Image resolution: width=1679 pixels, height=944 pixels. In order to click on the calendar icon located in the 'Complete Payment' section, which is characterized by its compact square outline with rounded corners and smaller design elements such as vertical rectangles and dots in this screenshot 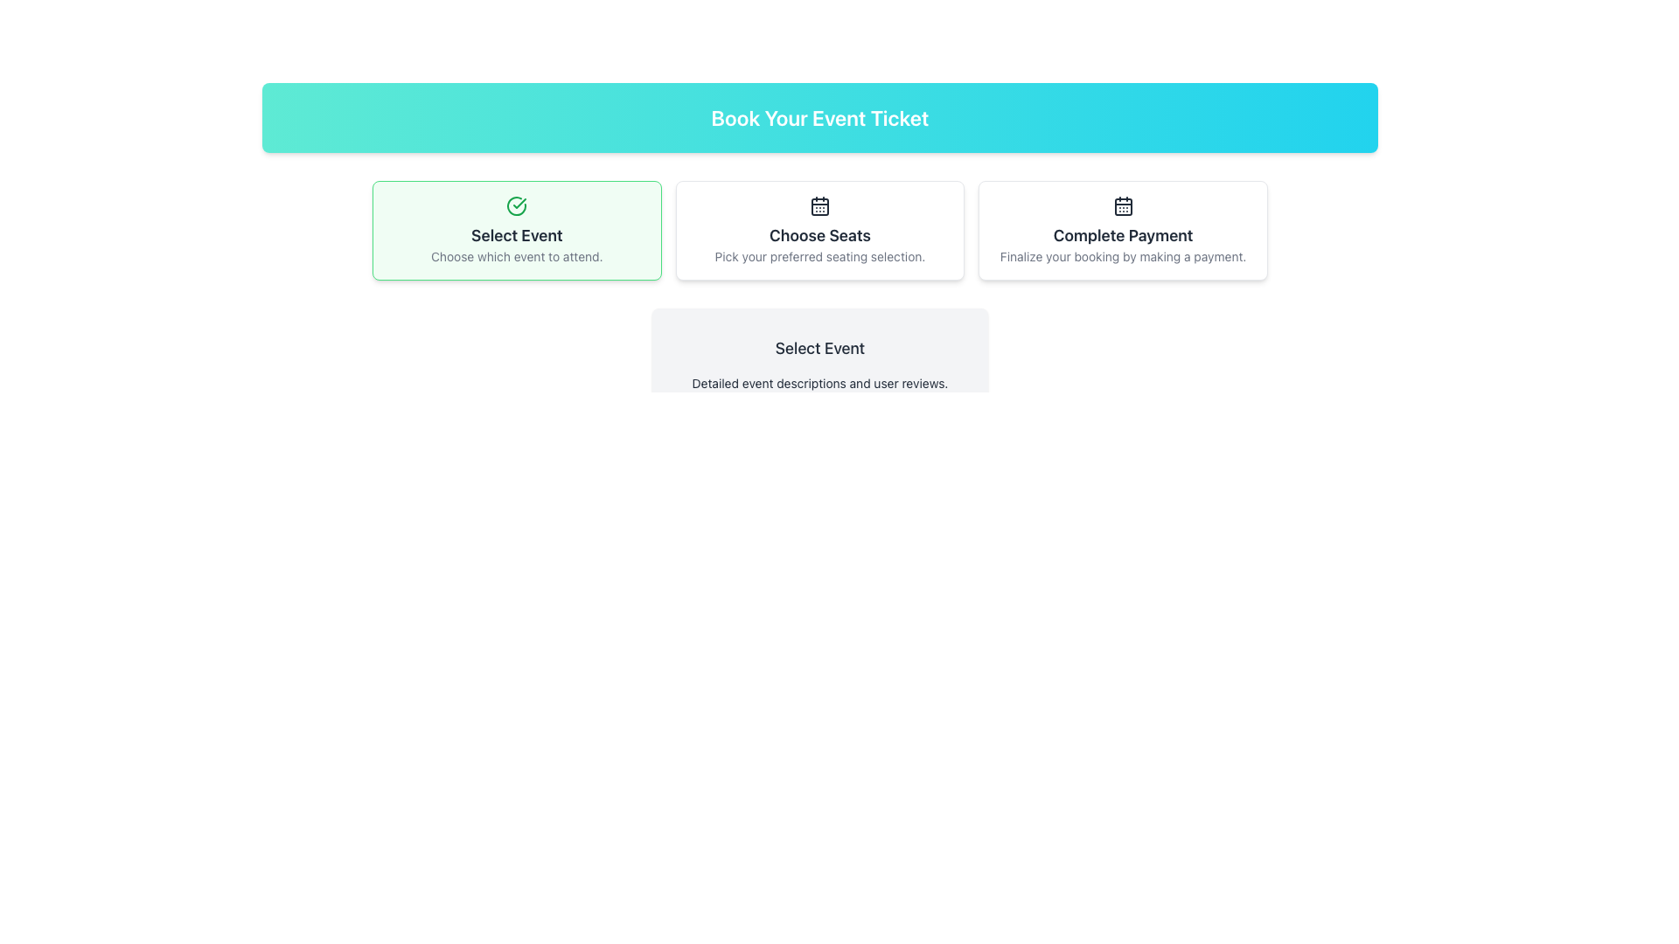, I will do `click(1123, 205)`.